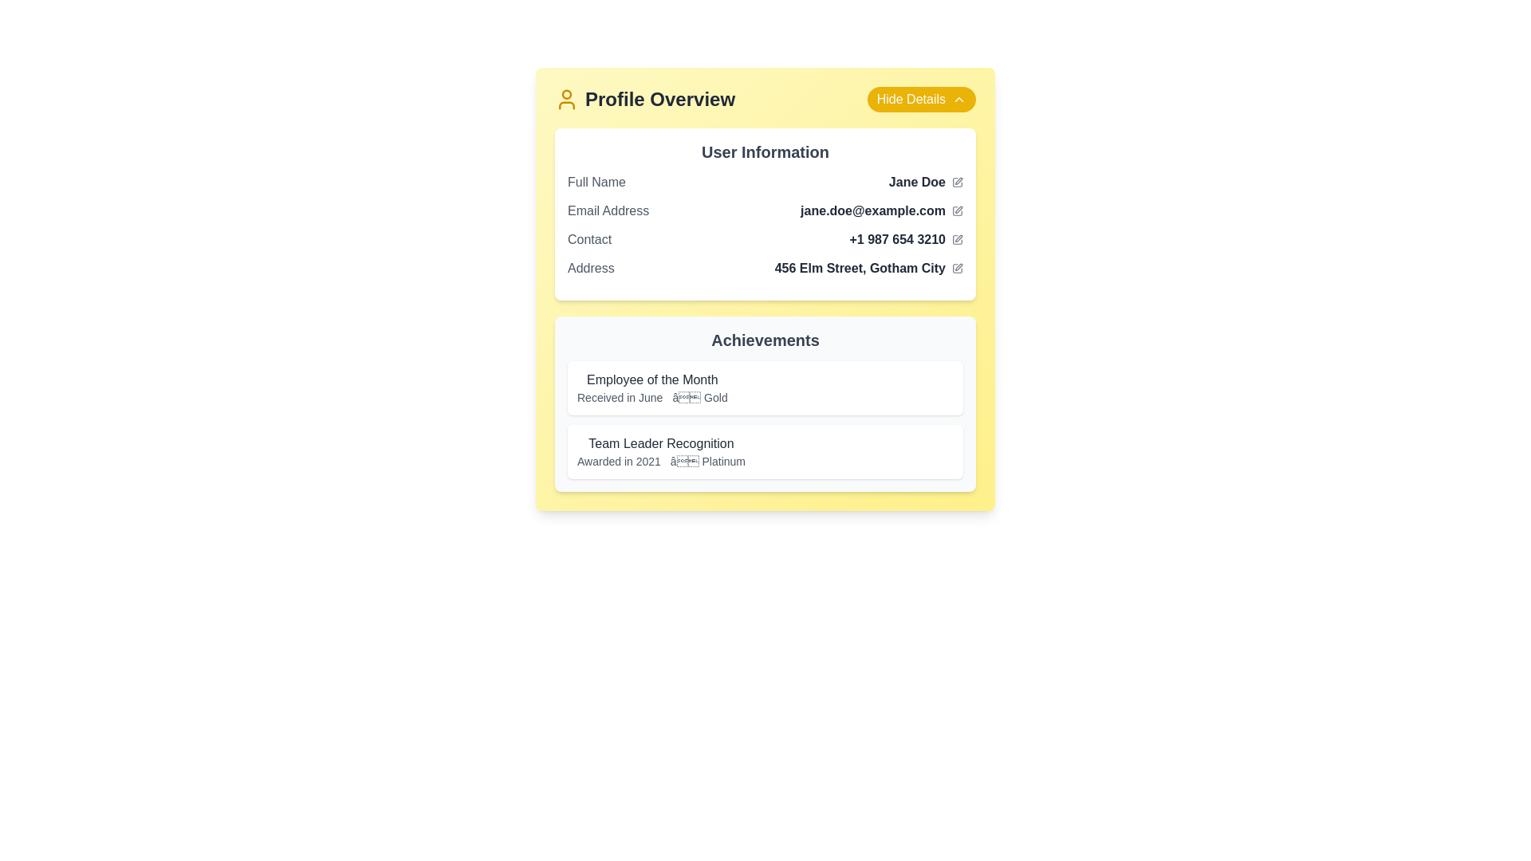  What do you see at coordinates (765, 452) in the screenshot?
I see `the 'Team Leader Recognition' award informational card located in the 'Achievements' section, which displays the user's achievement for 2021` at bounding box center [765, 452].